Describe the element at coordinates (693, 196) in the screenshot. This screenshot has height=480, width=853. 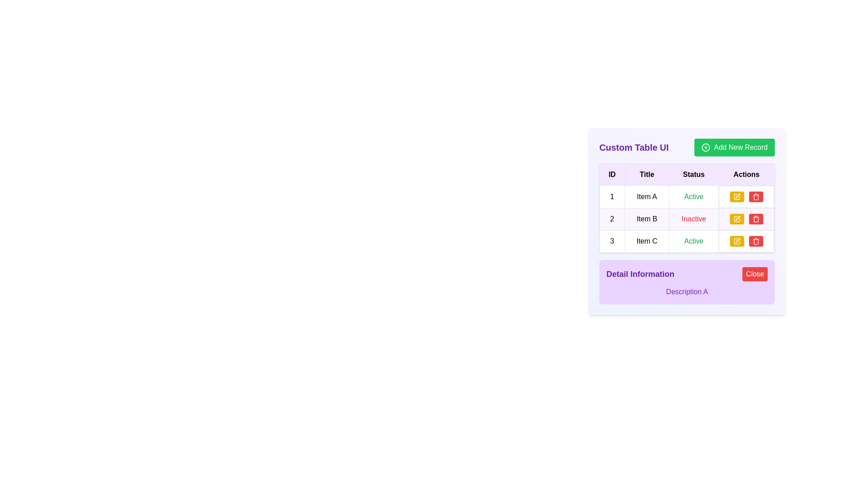
I see `text status indicator that shows 'Active' in the first row of the table under the 'Status' column` at that location.